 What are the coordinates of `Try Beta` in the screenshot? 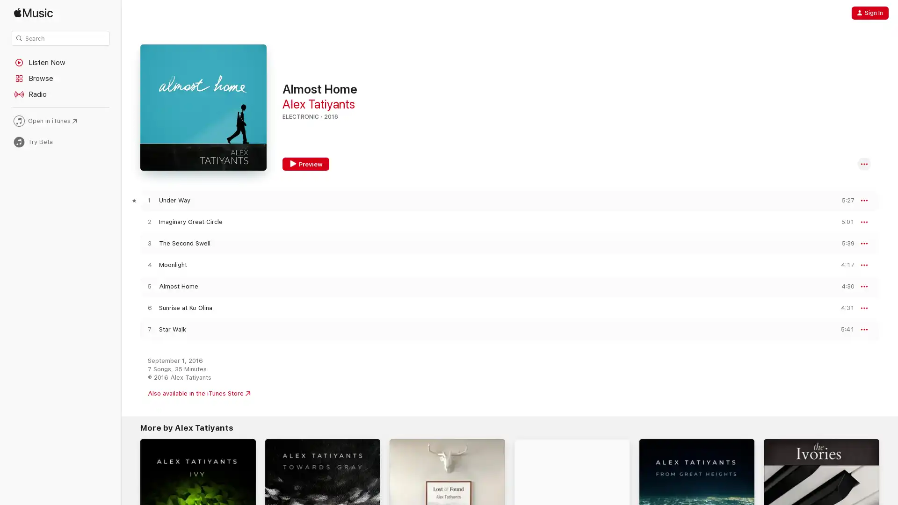 It's located at (60, 142).